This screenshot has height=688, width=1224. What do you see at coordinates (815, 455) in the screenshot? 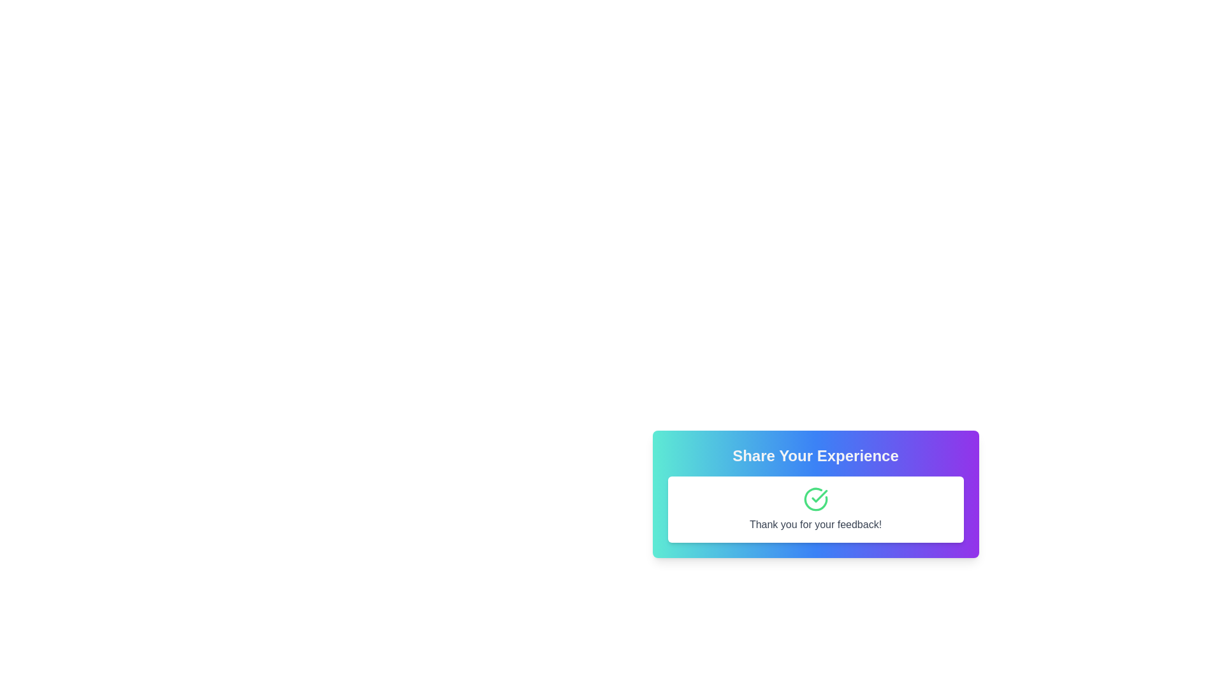
I see `the 'Share Your Experience' heading, which is a bold, extra-large white text element centered at the top of a gradient-colored panel` at bounding box center [815, 455].